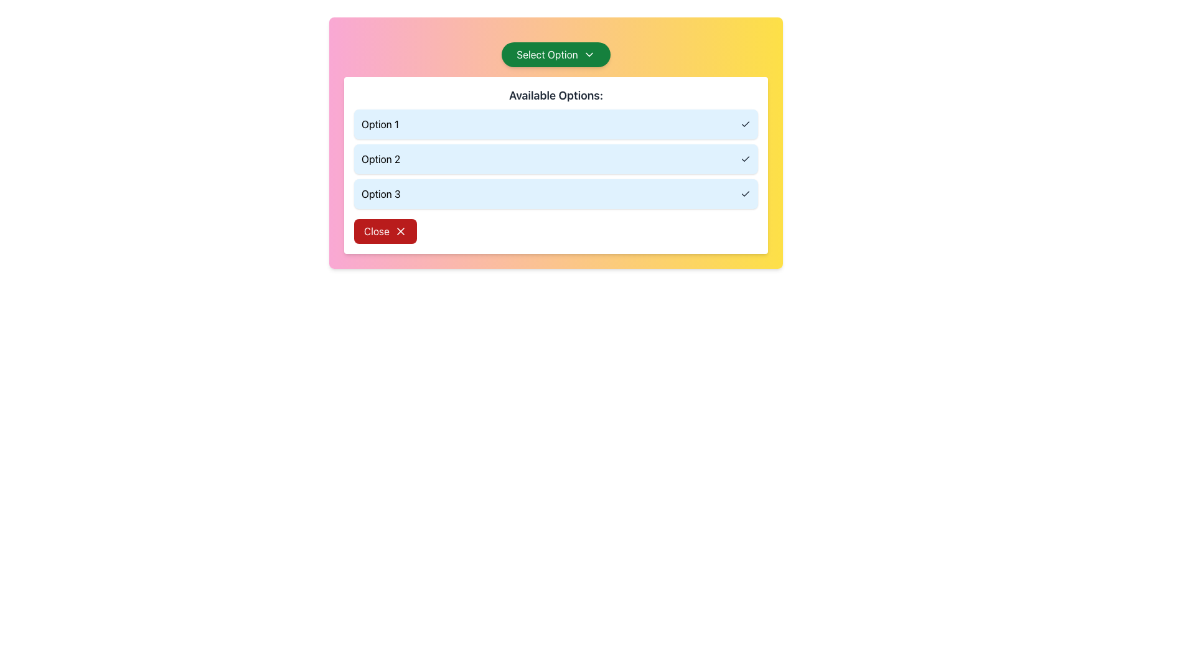 The width and height of the screenshot is (1195, 672). What do you see at coordinates (555, 194) in the screenshot?
I see `the list item labeled 'Option 3' in the dropdown menu` at bounding box center [555, 194].